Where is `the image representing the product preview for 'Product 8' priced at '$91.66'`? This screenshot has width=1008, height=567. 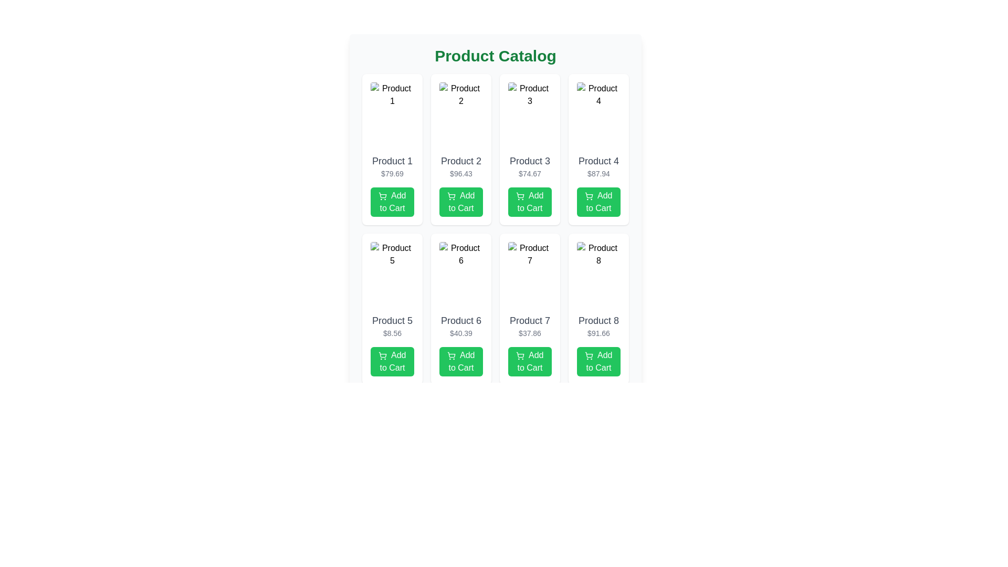
the image representing the product preview for 'Product 8' priced at '$91.66' is located at coordinates (598, 275).